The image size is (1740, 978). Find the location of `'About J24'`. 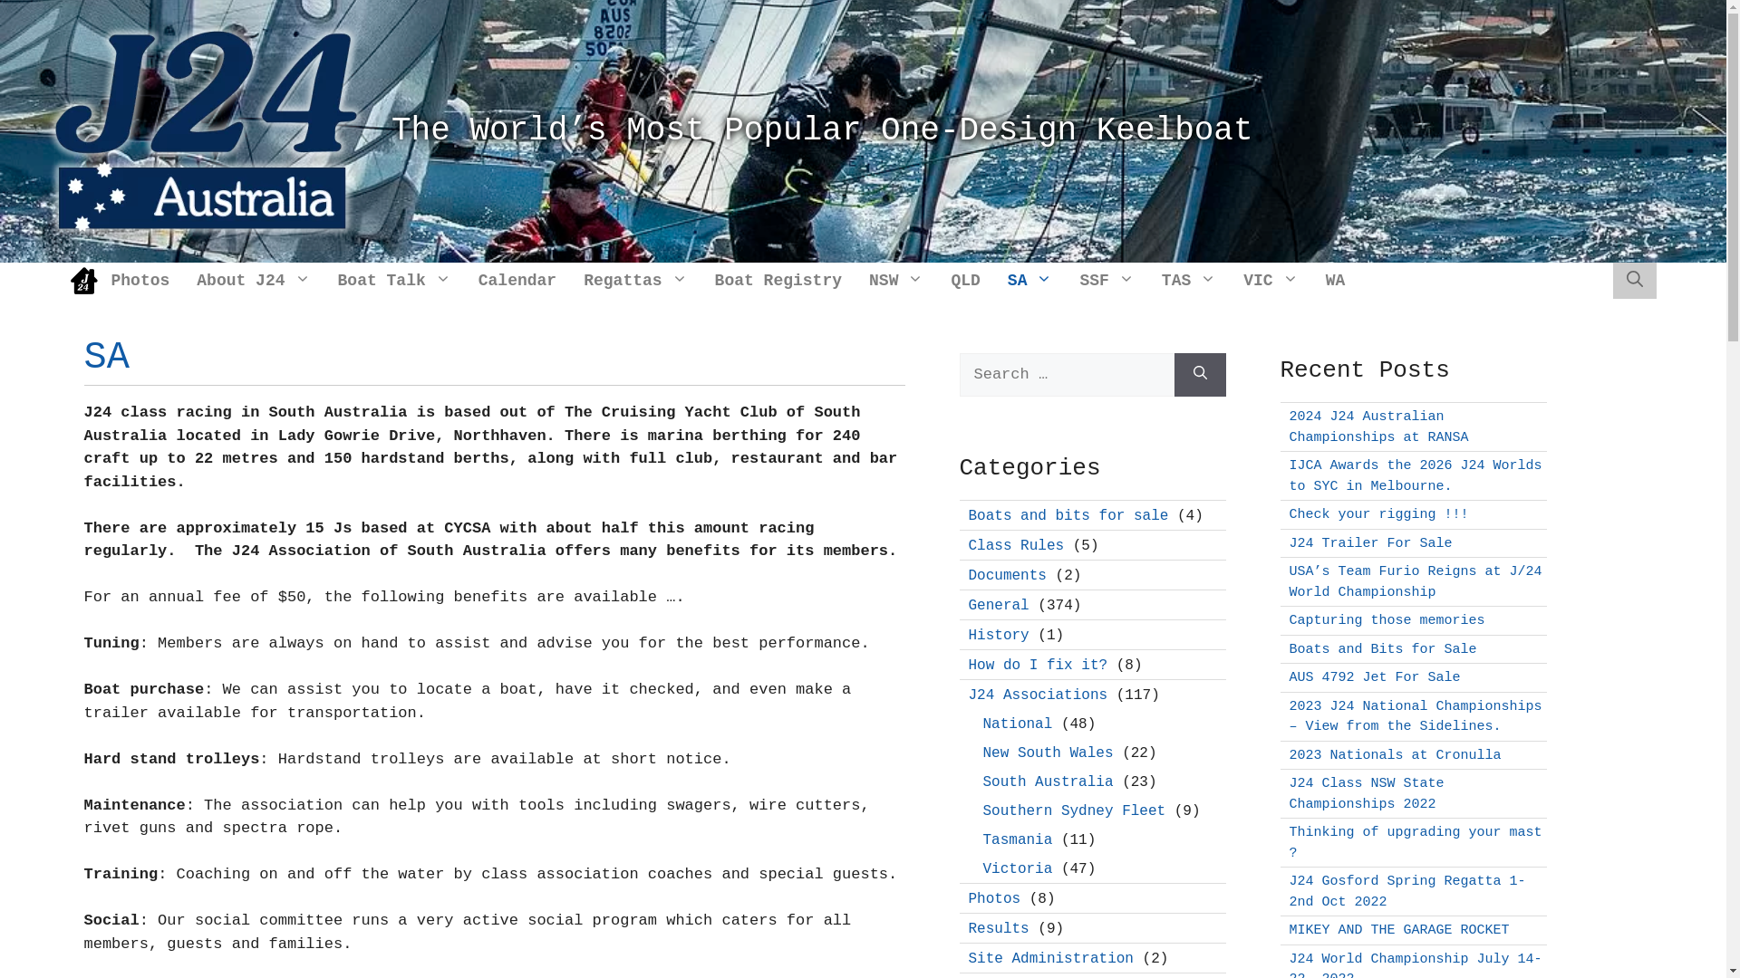

'About J24' is located at coordinates (252, 280).